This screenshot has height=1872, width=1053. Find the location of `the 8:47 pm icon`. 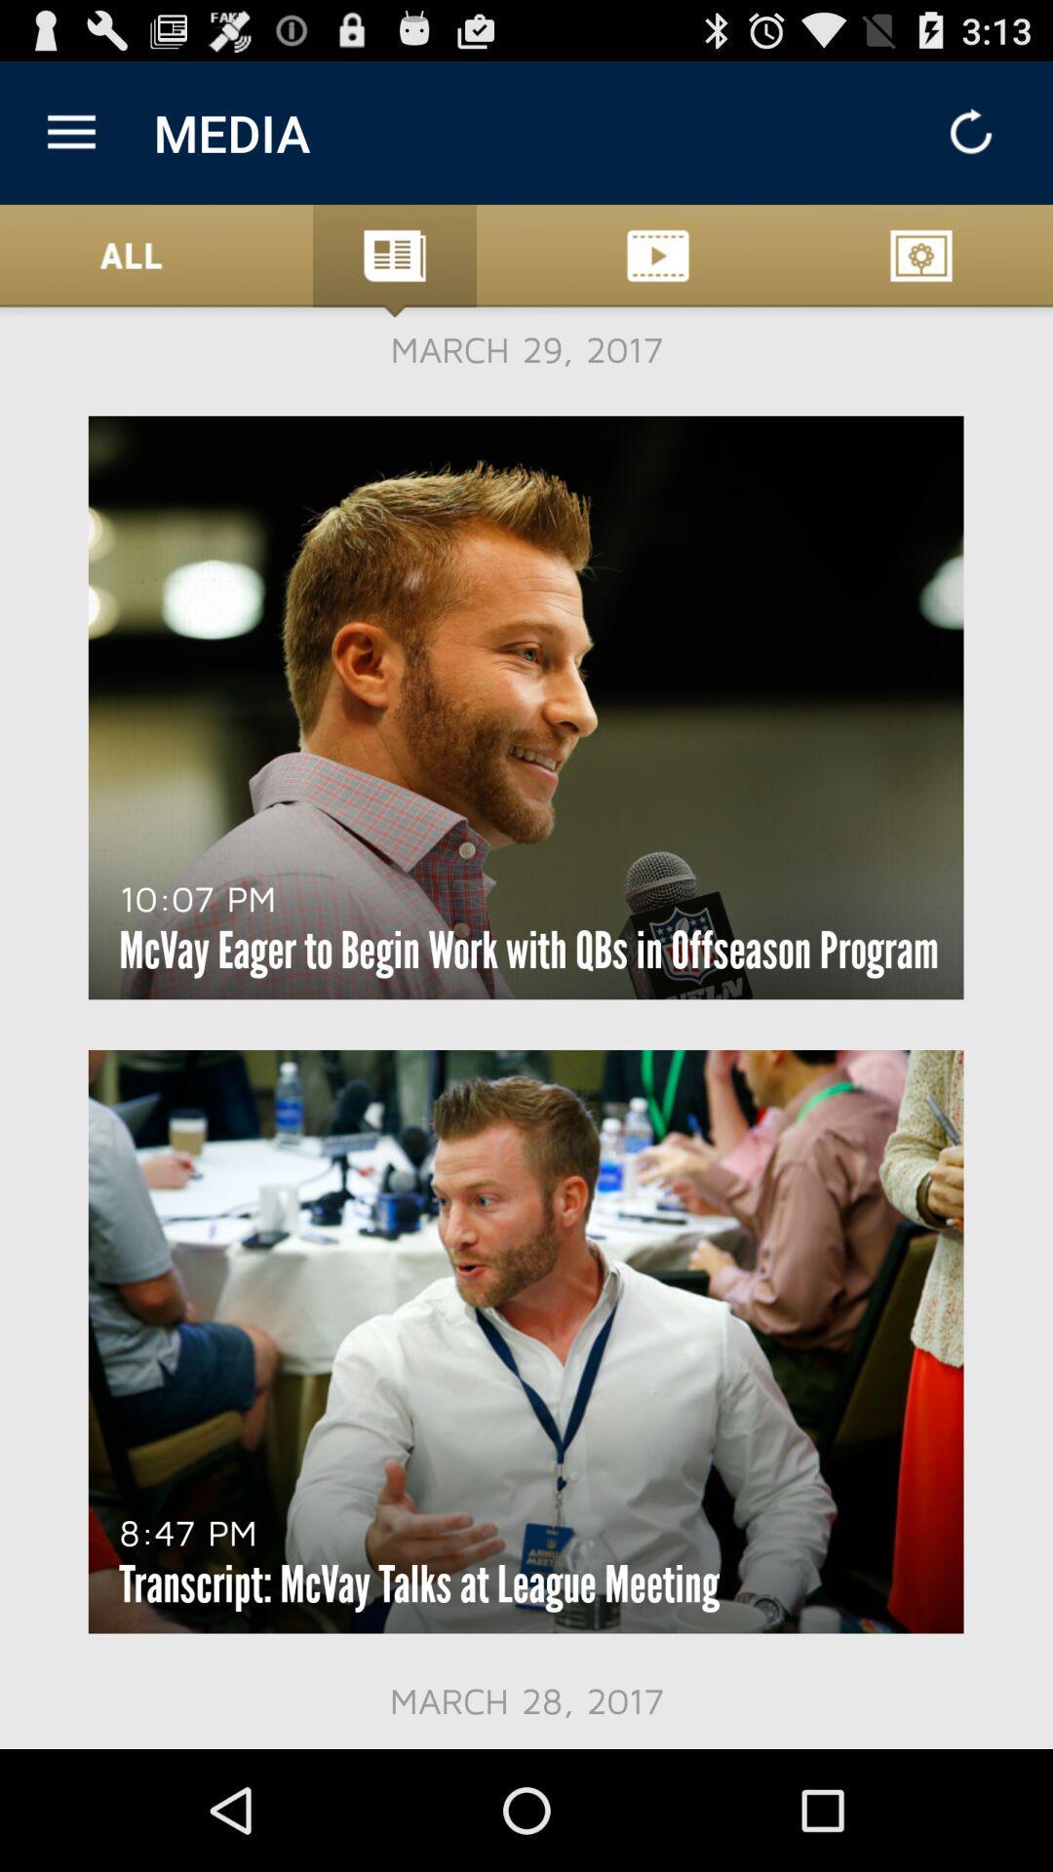

the 8:47 pm icon is located at coordinates (188, 1531).